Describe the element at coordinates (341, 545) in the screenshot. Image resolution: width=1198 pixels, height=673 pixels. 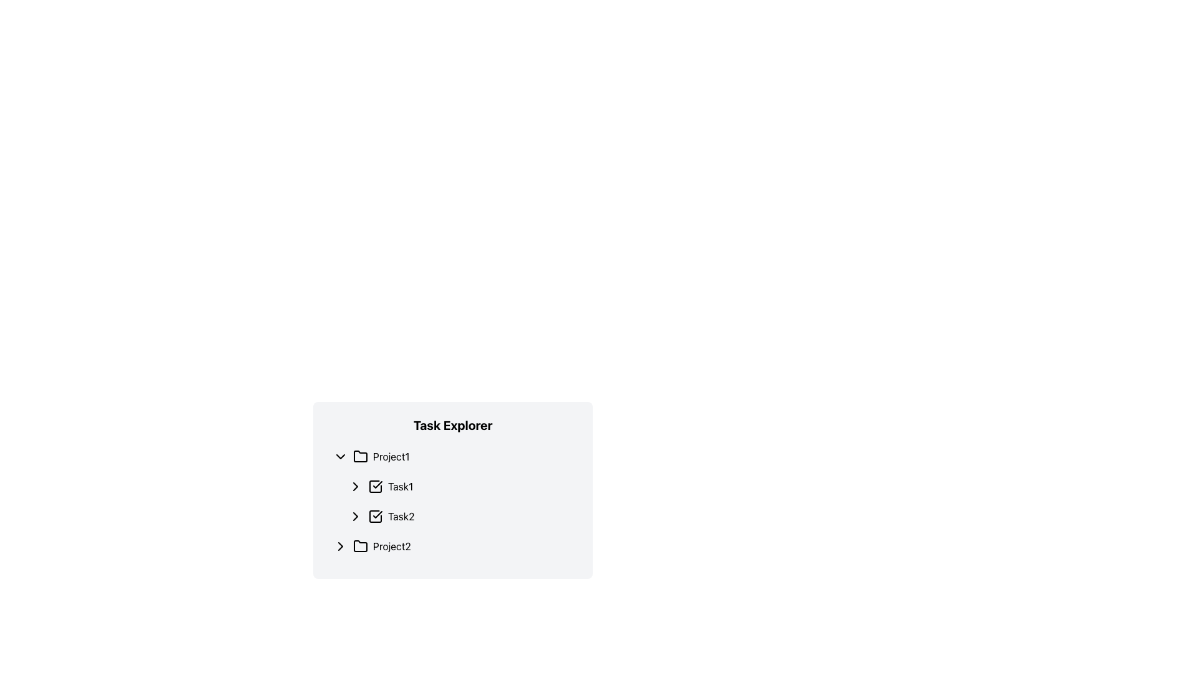
I see `the Chevron Right icon that toggles the visibility of nested content under 'Project2' in the 'Task Explorer' section to prepare for keyboard interaction` at that location.